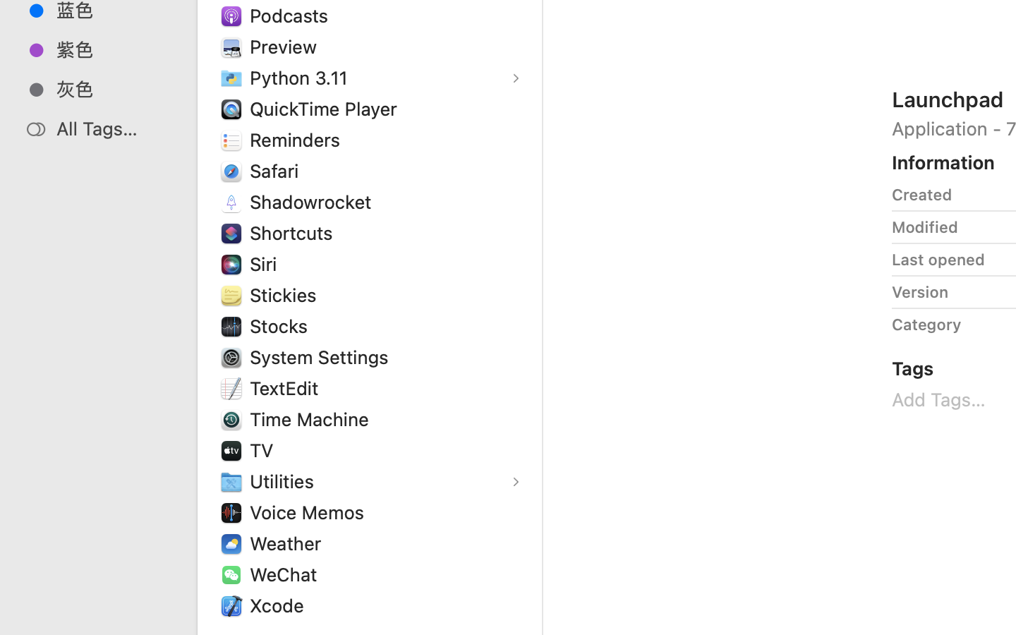  Describe the element at coordinates (926, 323) in the screenshot. I see `'Category'` at that location.